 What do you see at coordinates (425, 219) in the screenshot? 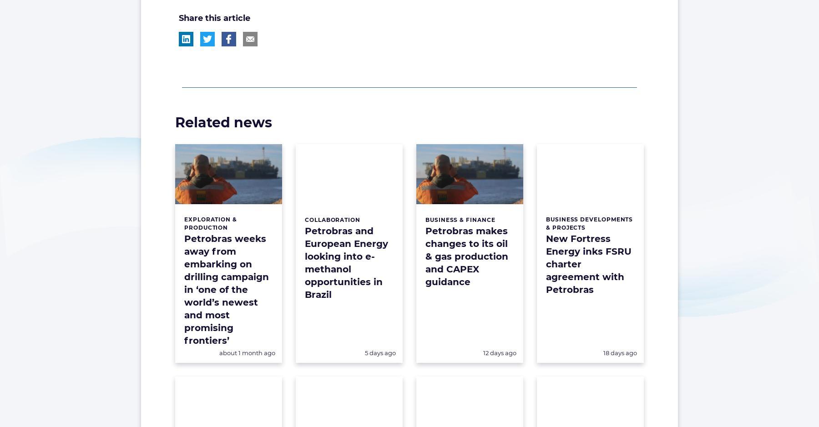
I see `'Business & Finance'` at bounding box center [425, 219].